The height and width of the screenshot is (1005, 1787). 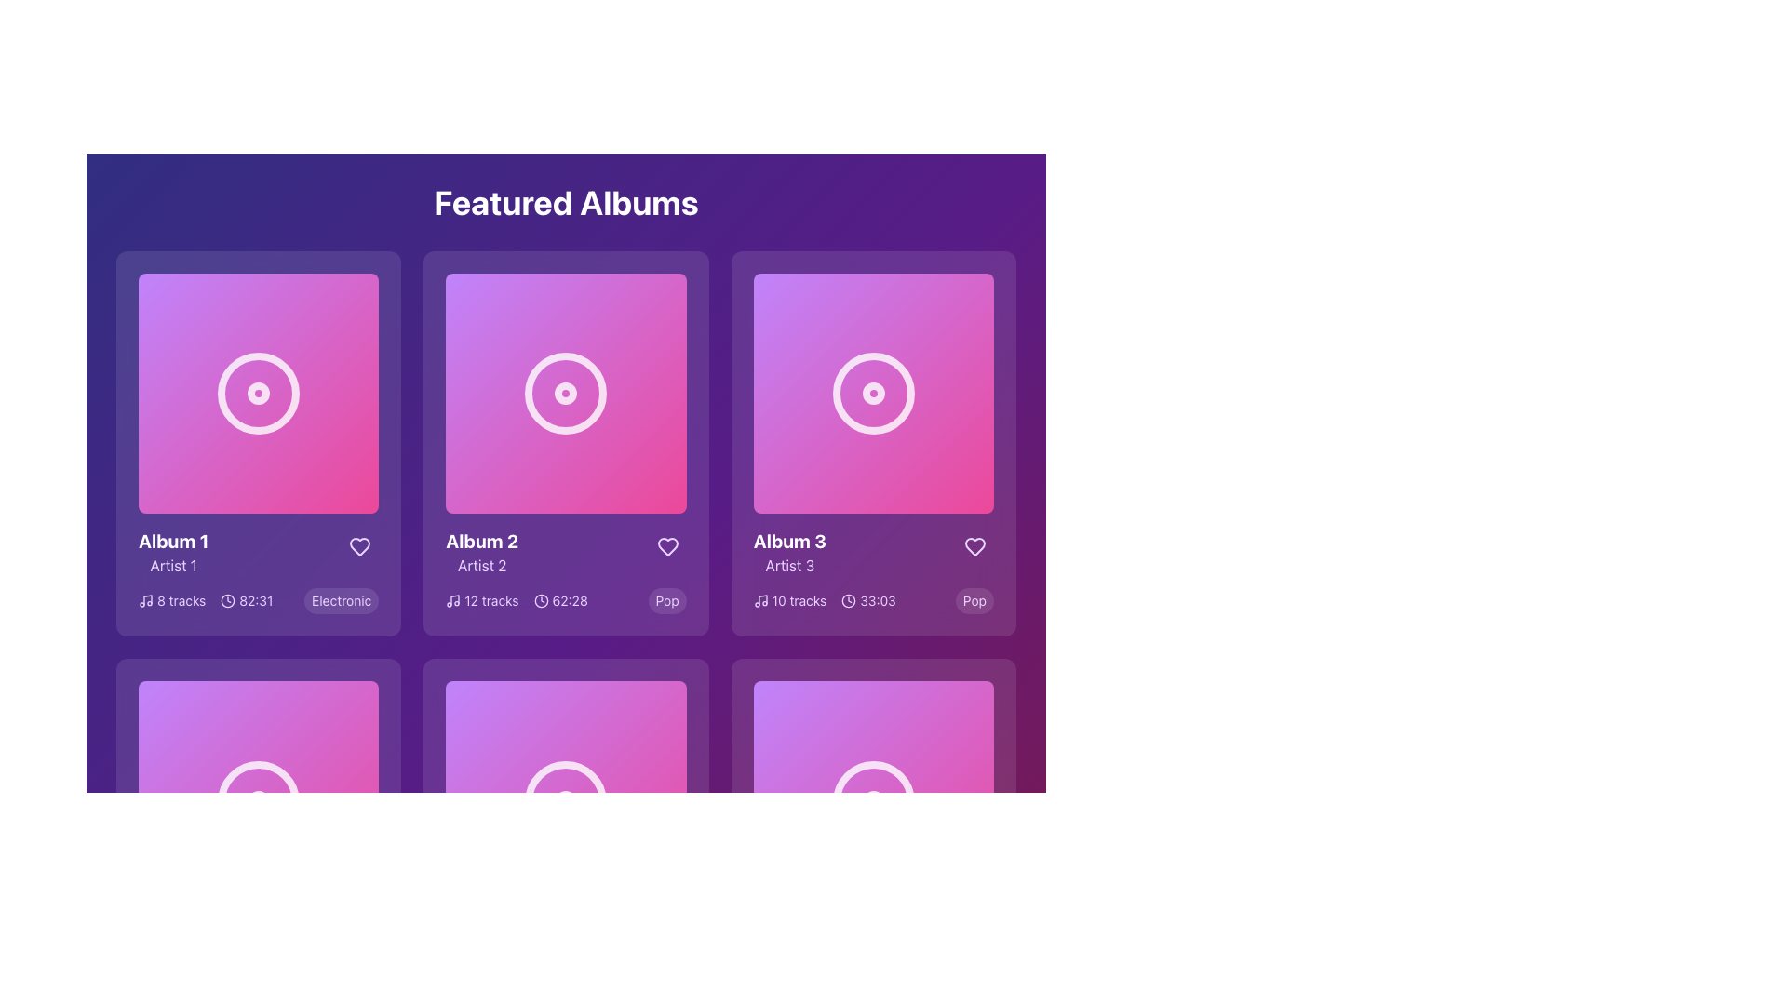 I want to click on the traditional clock icon located in the 'Album 3' card, which is adjacent to the text '33:03', so click(x=848, y=601).